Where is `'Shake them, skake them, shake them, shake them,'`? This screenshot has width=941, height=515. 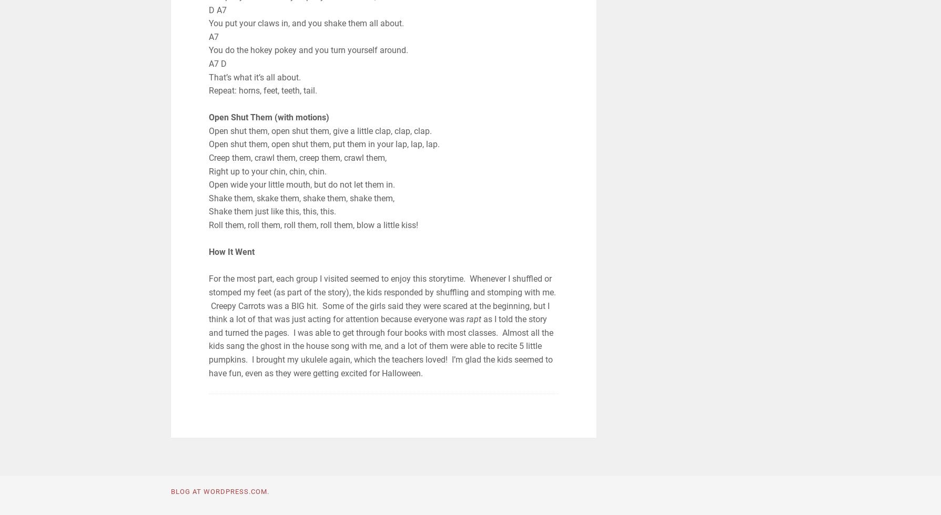 'Shake them, skake them, shake them, shake them,' is located at coordinates (300, 198).